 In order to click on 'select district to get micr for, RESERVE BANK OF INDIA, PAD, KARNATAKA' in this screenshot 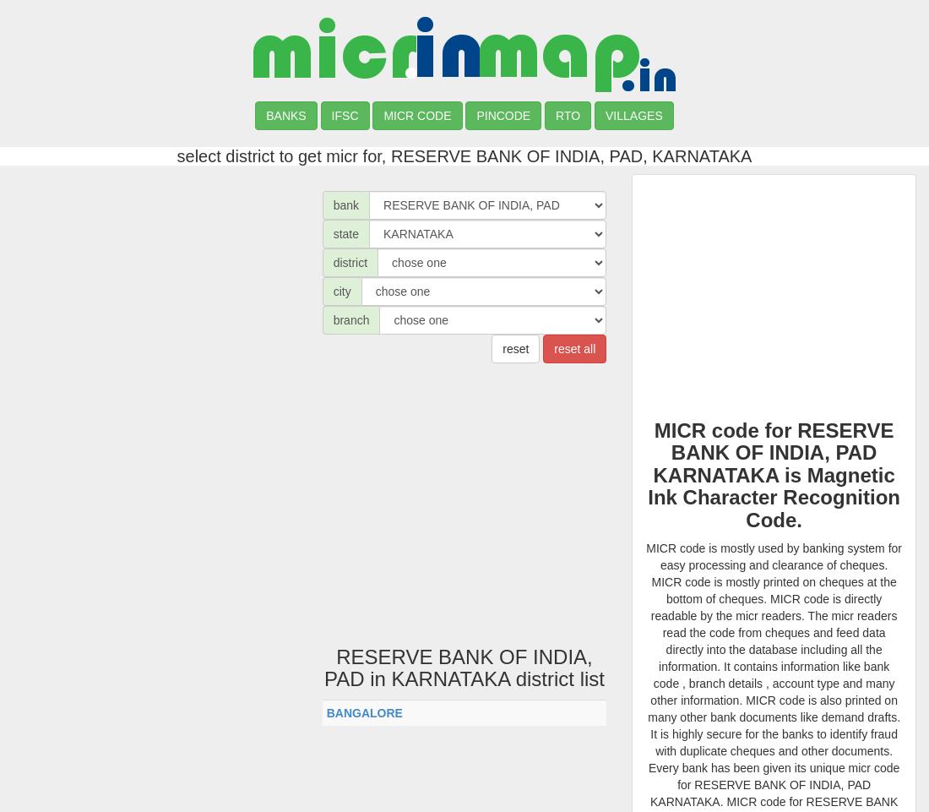, I will do `click(464, 155)`.